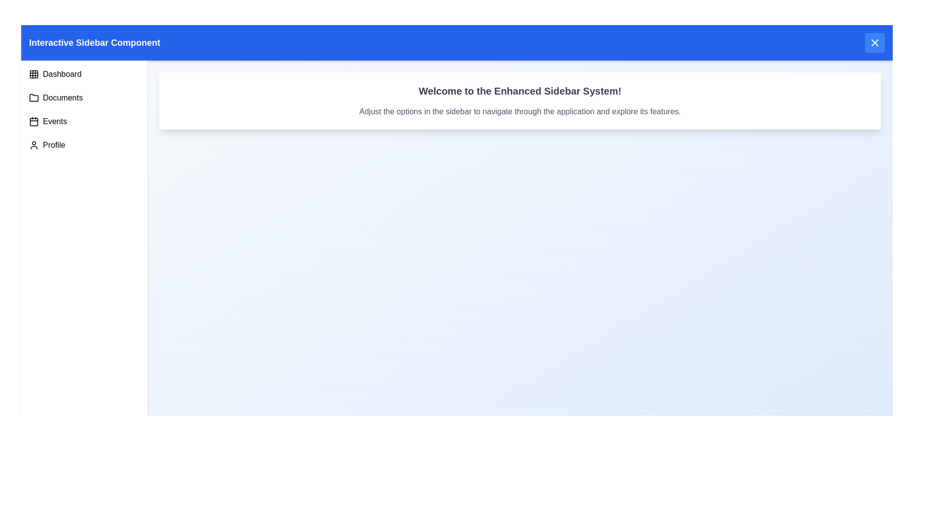  I want to click on the List Item labeled 'Events', which is the third item in the vertical list in the left sidebar, so click(84, 121).